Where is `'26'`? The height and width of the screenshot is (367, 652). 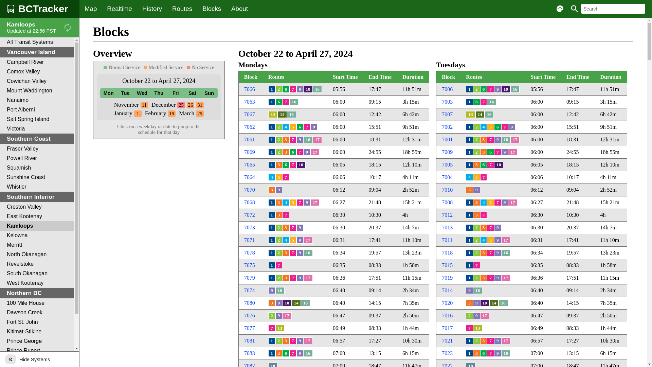 '26' is located at coordinates (190, 105).